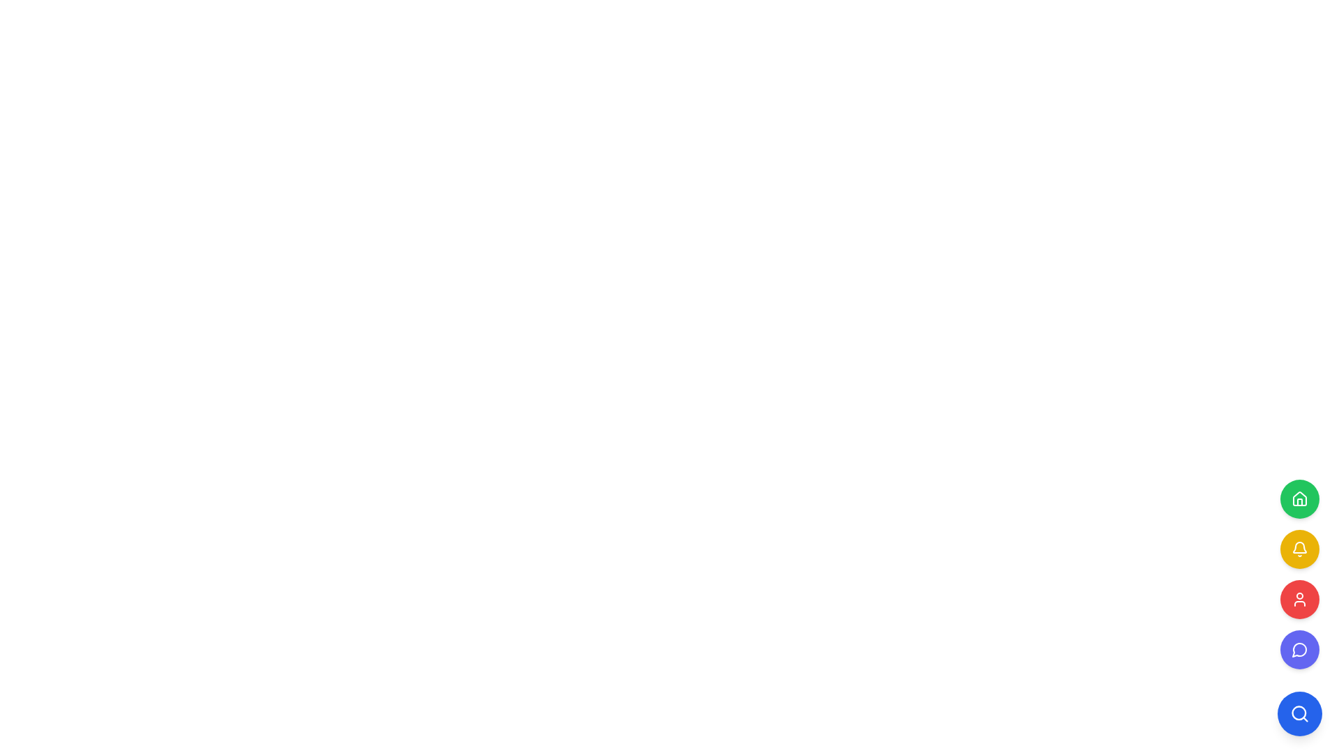 This screenshot has height=753, width=1339. Describe the element at coordinates (1299, 499) in the screenshot. I see `the circular green button with a white house icon at the top of the vertical column to observe the hover effect` at that location.